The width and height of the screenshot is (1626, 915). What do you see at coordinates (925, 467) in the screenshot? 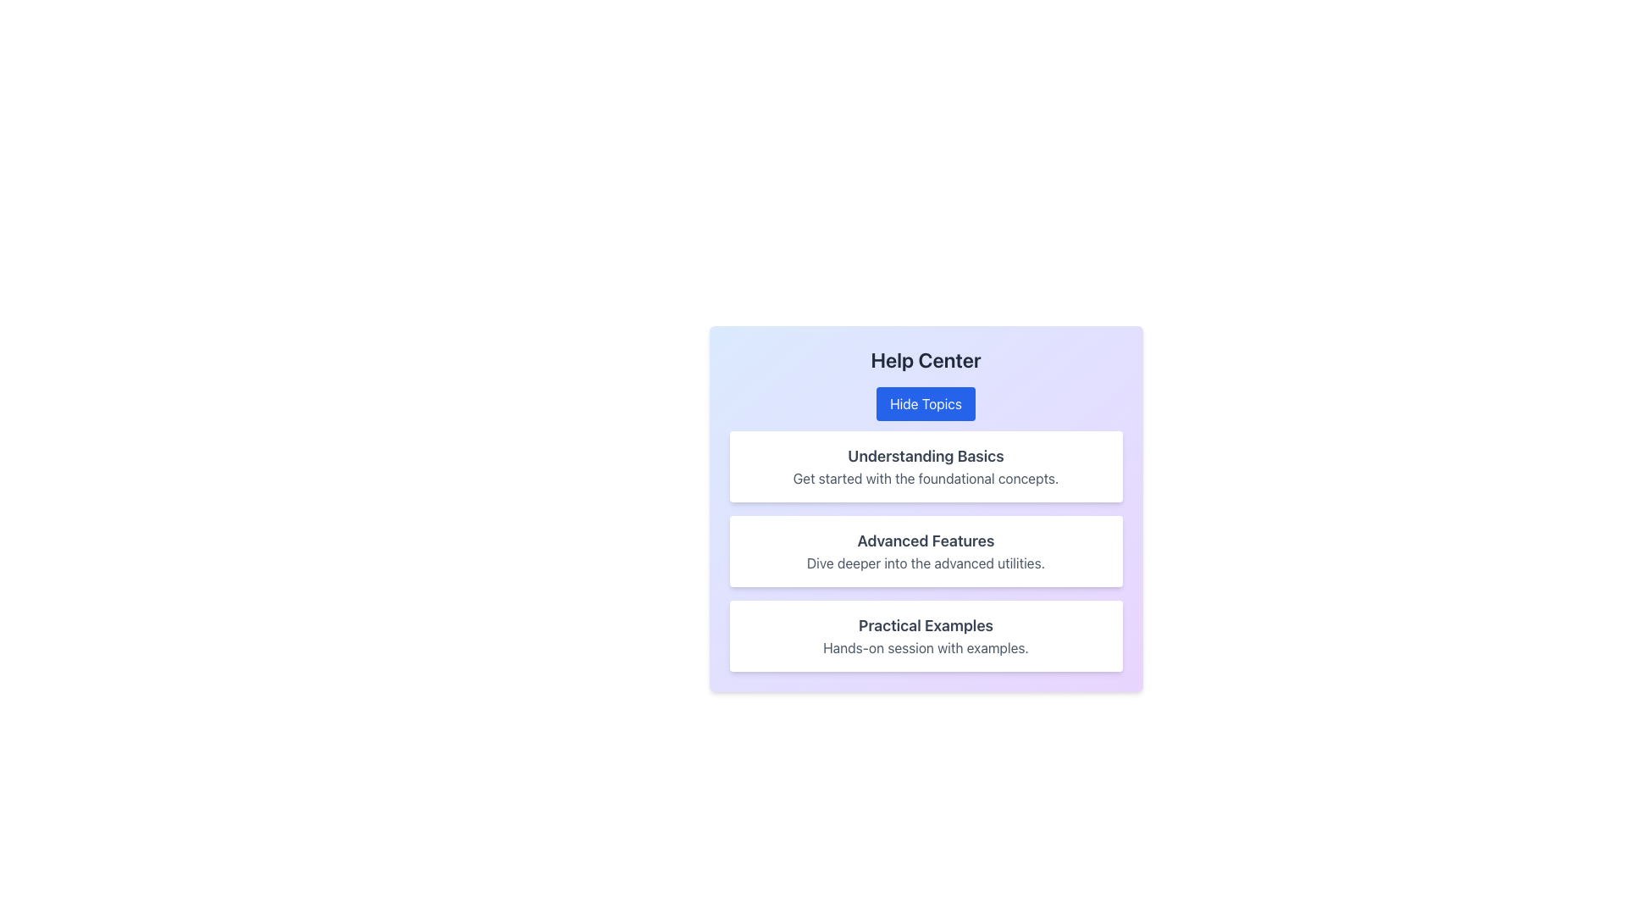
I see `the textual content block titled 'Understanding Basics' which is the first entry in the Help Center section` at bounding box center [925, 467].